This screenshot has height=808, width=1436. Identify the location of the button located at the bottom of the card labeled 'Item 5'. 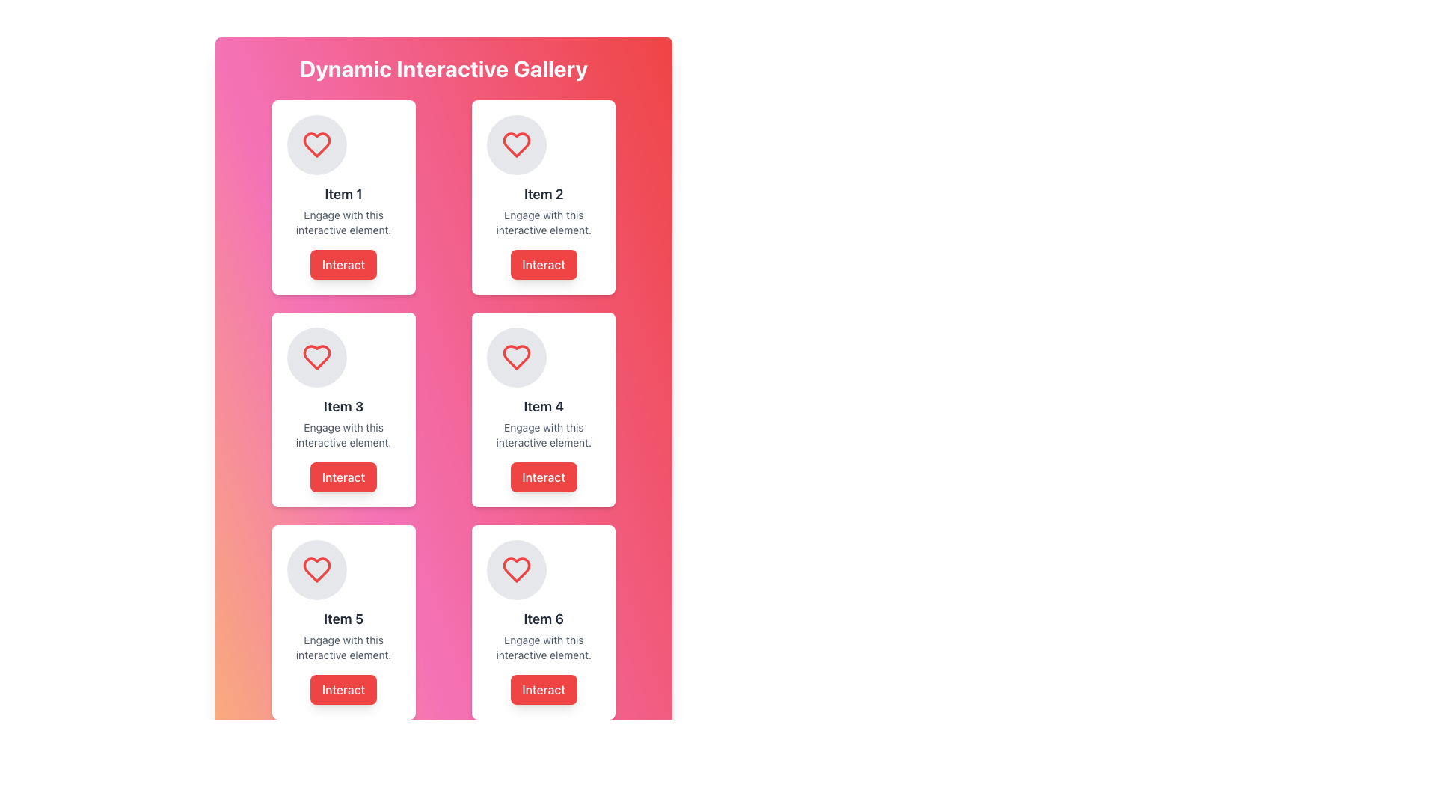
(343, 689).